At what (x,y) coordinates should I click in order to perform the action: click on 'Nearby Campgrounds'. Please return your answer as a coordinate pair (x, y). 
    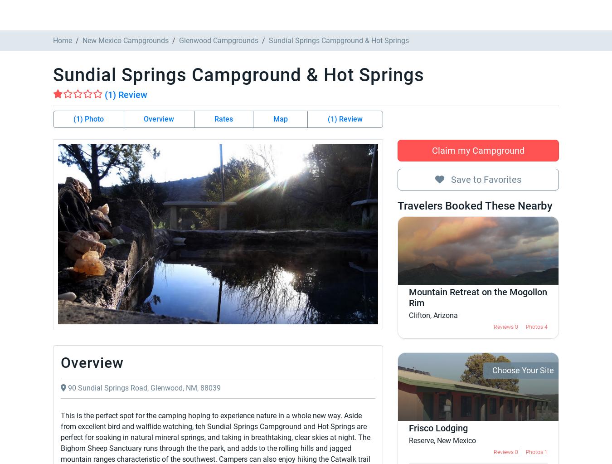
    Looking at the image, I should click on (61, 180).